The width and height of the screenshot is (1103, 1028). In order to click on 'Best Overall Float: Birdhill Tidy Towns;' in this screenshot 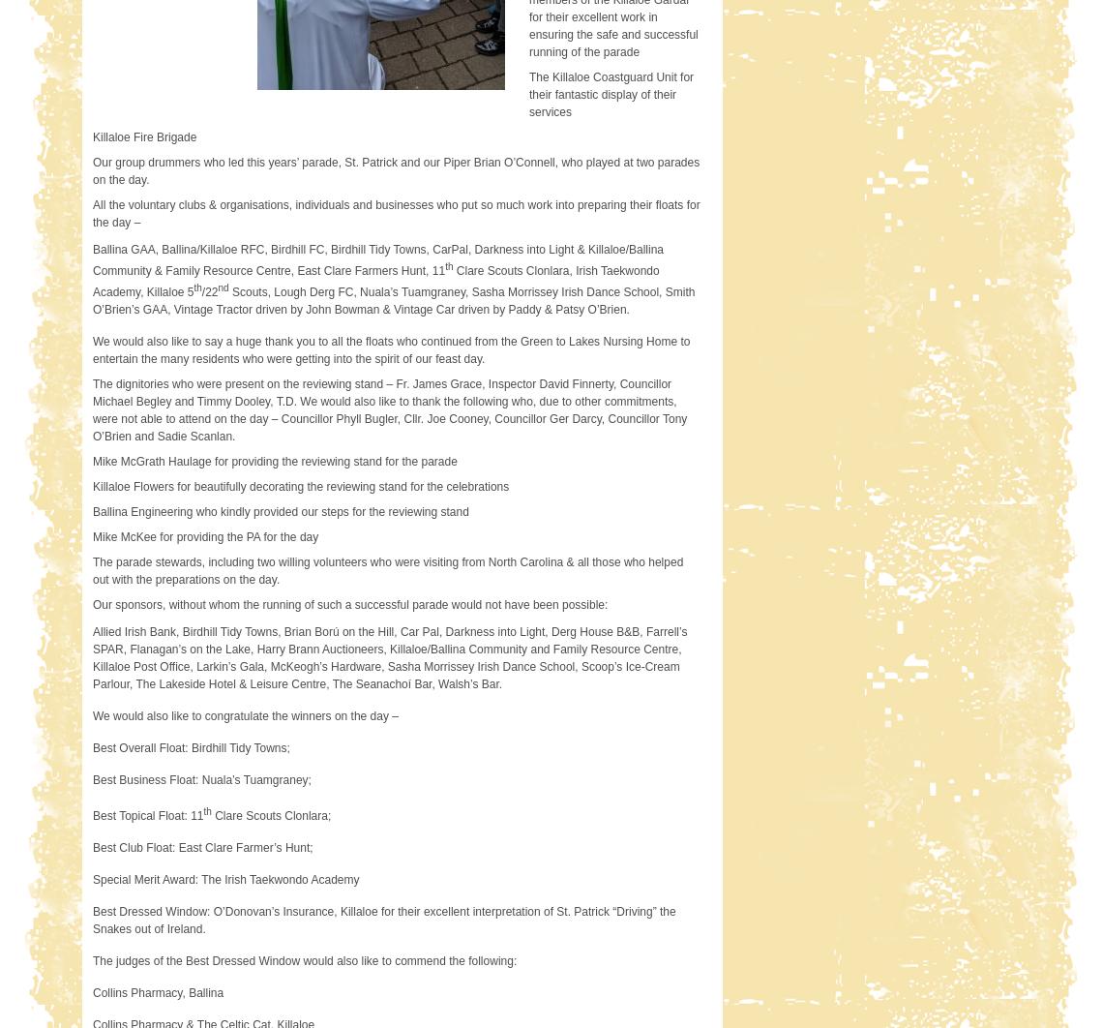, I will do `click(91, 746)`.